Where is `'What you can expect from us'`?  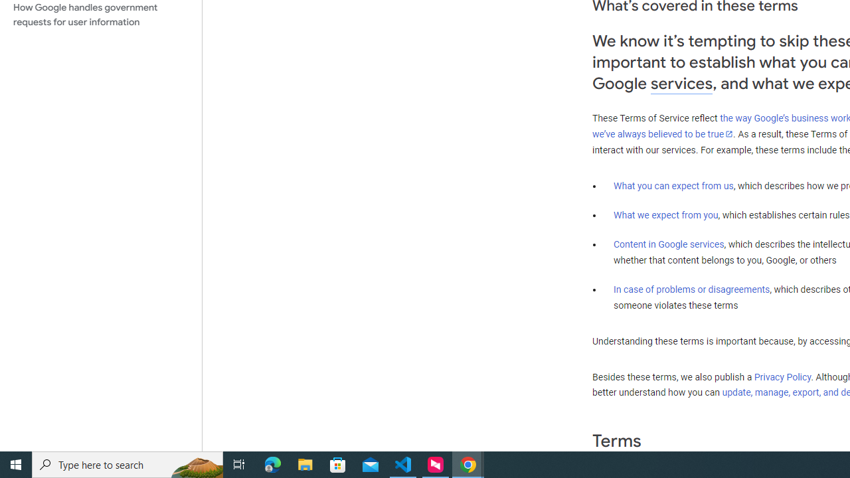
'What you can expect from us' is located at coordinates (673, 185).